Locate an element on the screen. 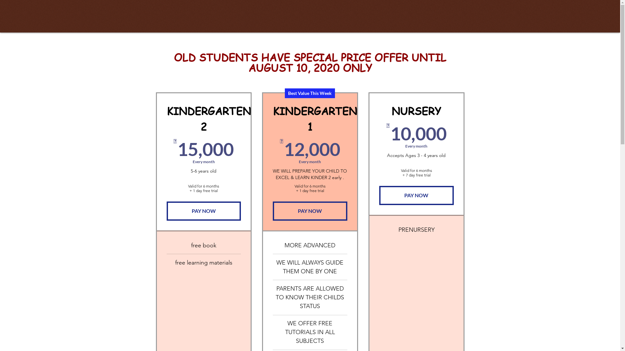  'PAY NOW' is located at coordinates (310, 211).